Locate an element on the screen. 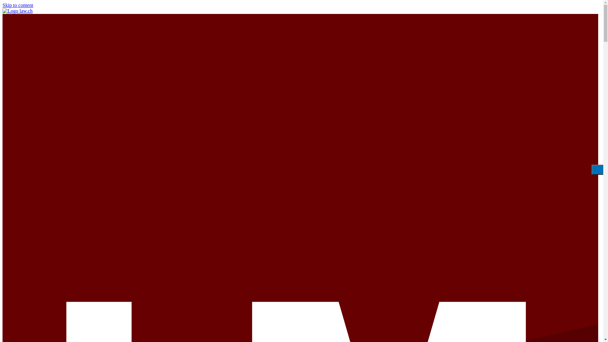 The height and width of the screenshot is (342, 608). 'Skip to content' is located at coordinates (18, 5).